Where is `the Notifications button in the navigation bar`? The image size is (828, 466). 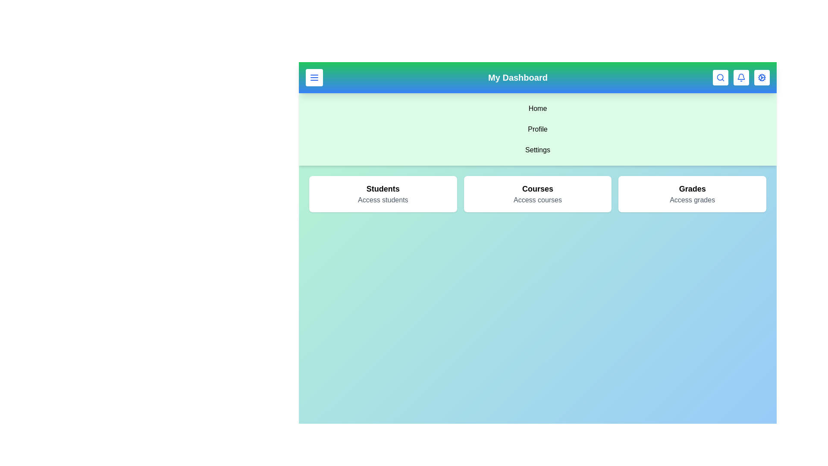
the Notifications button in the navigation bar is located at coordinates (740, 78).